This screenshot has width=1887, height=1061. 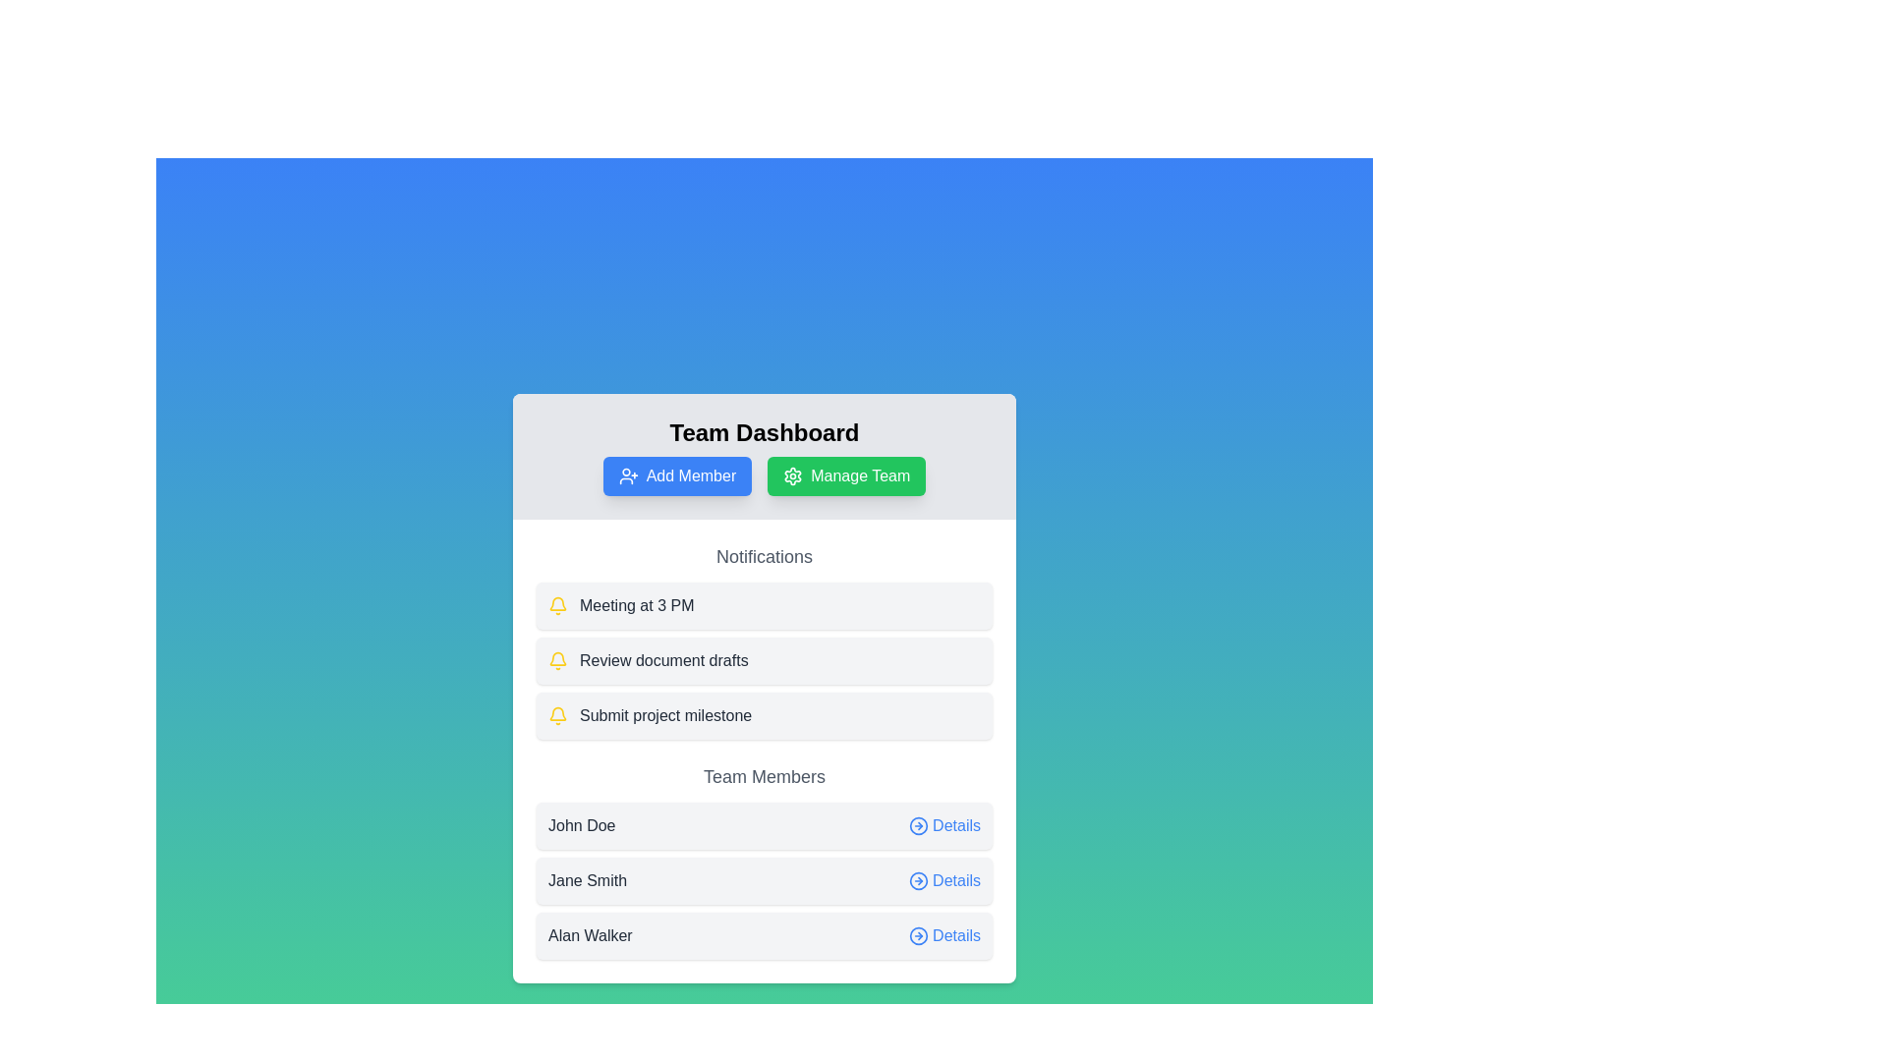 What do you see at coordinates (556, 605) in the screenshot?
I see `the yellow bell icon representing notifications, located before the text 'Meeting at 3 PM'` at bounding box center [556, 605].